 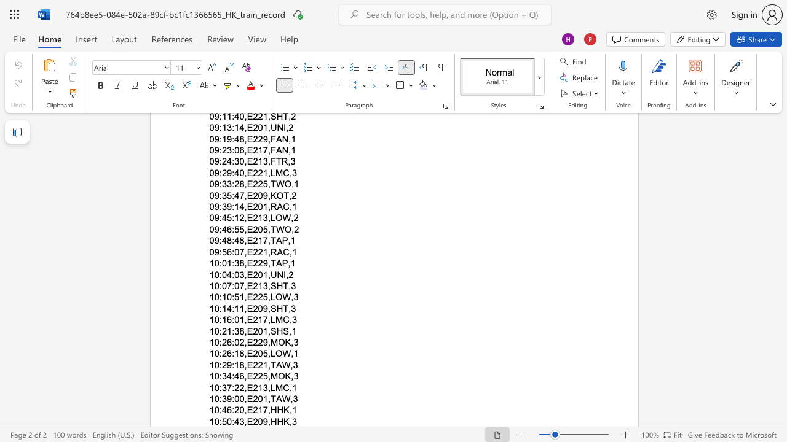 I want to click on the subset text "50:" within the text "10:50:43,E209,HHK,3", so click(x=221, y=421).